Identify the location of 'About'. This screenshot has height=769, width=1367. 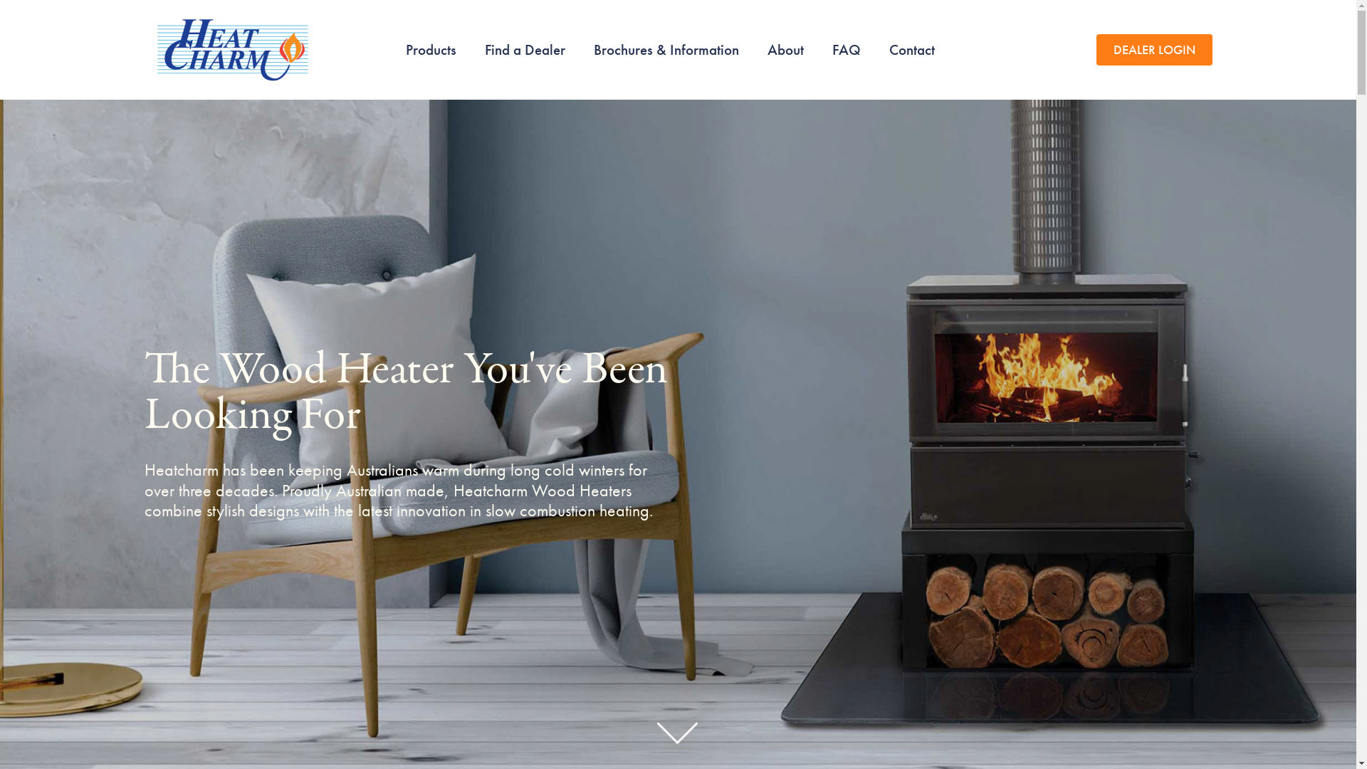
(785, 48).